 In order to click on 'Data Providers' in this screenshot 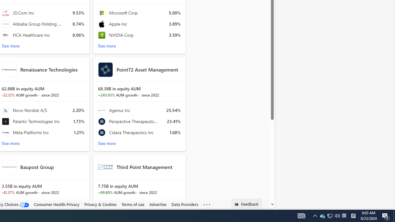, I will do `click(185, 204)`.